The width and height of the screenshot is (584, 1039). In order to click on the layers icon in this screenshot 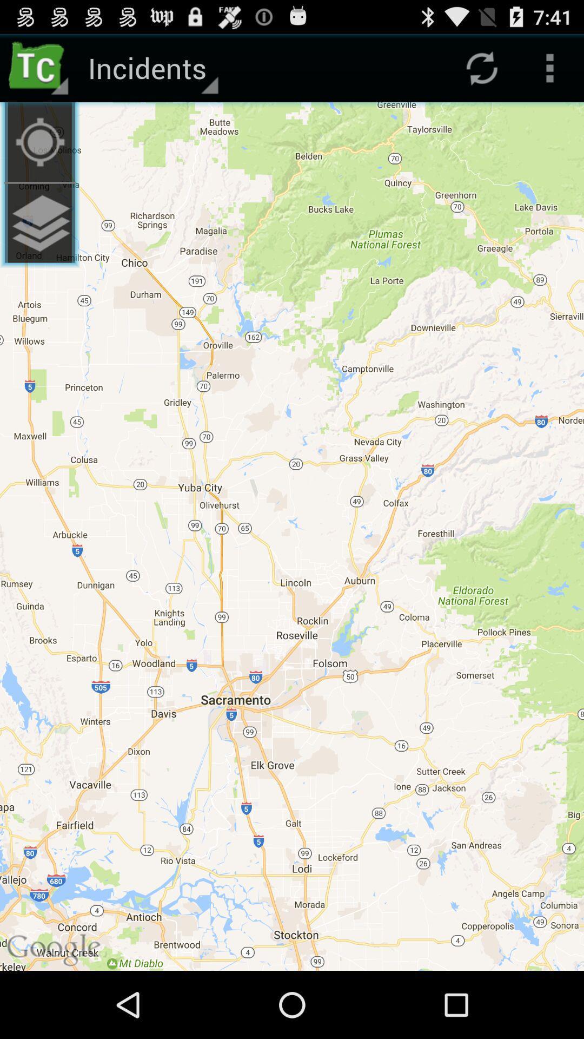, I will do `click(39, 239)`.